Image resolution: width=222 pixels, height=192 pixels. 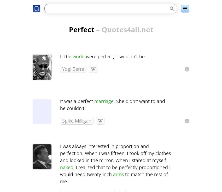 I want to click on 'to match the rest of me.', so click(x=114, y=177).